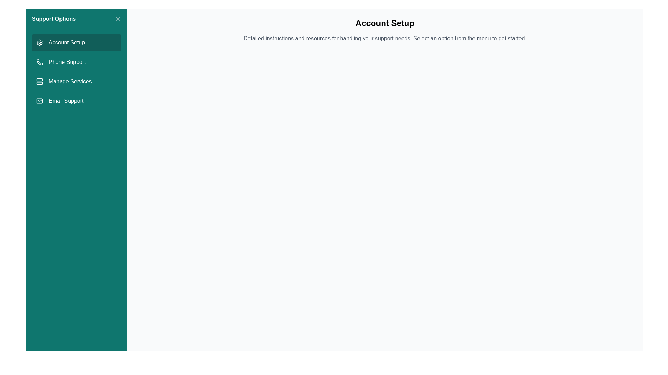 The image size is (668, 375). I want to click on the navigation button for phone support, located in the second position of the vertical menu on the left side, below 'Account Setup' and above 'Manage Services', so click(77, 61).